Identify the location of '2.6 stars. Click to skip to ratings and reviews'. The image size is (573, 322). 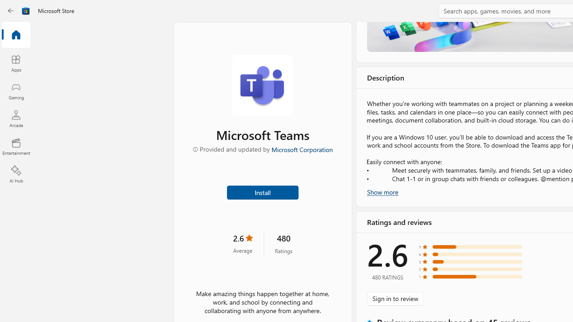
(243, 243).